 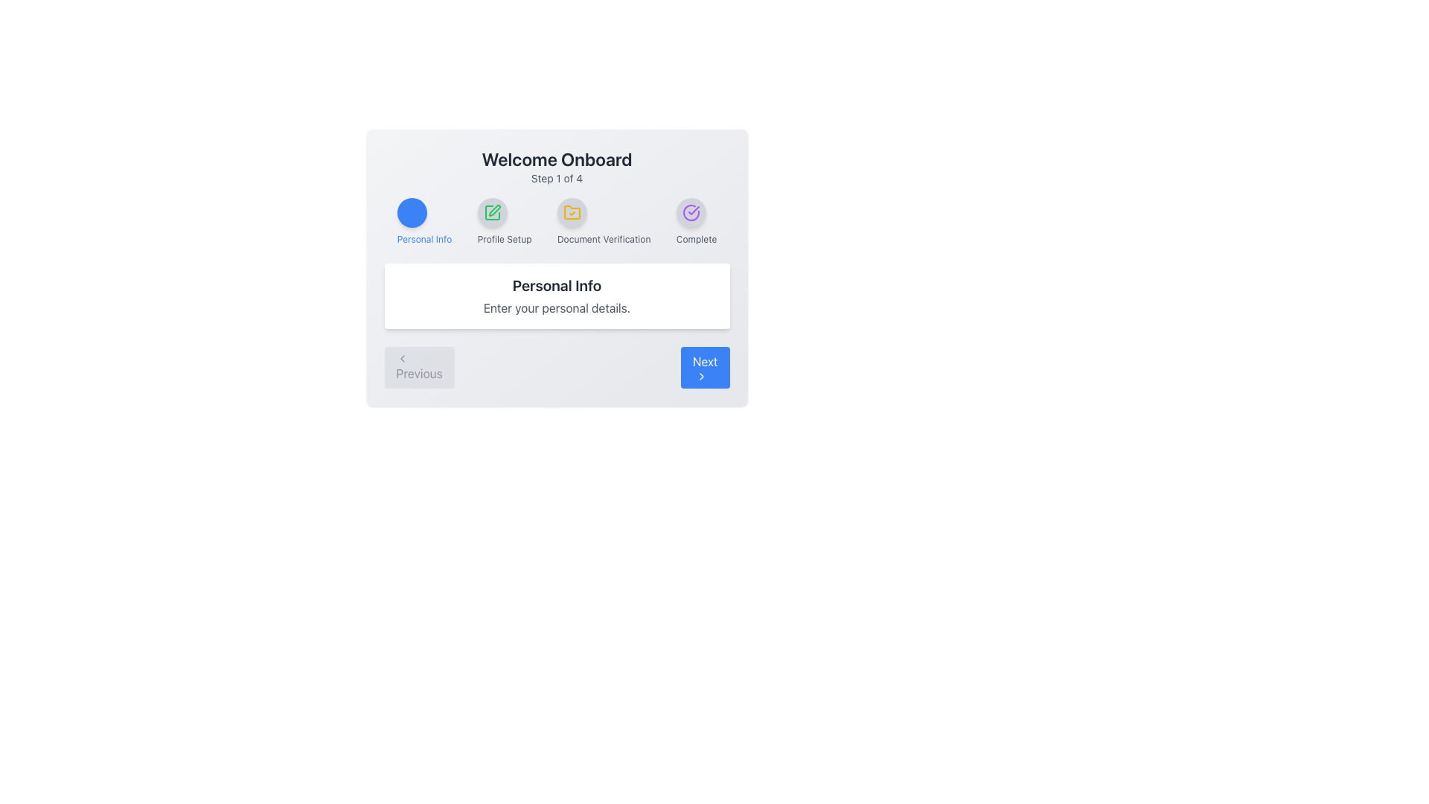 I want to click on the static text label that contains the instruction 'Enter your personal details.', which is styled in a smaller gray font and positioned below the 'Personal Info' heading within a card-like section, so click(x=556, y=307).